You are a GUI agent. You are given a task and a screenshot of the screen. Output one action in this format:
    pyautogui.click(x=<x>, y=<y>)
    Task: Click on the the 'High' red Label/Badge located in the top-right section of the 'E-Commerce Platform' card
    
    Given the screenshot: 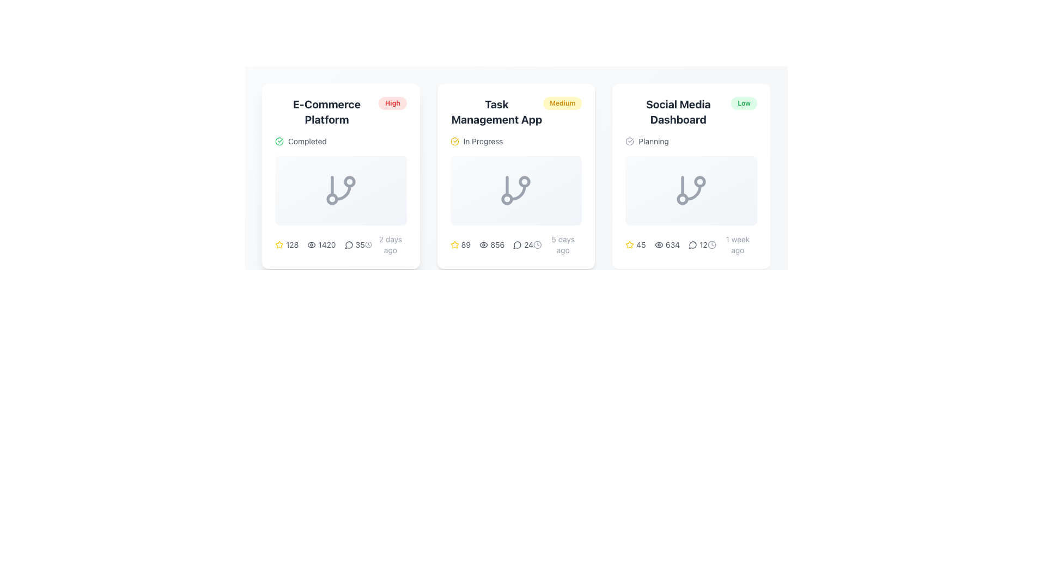 What is the action you would take?
    pyautogui.click(x=392, y=103)
    